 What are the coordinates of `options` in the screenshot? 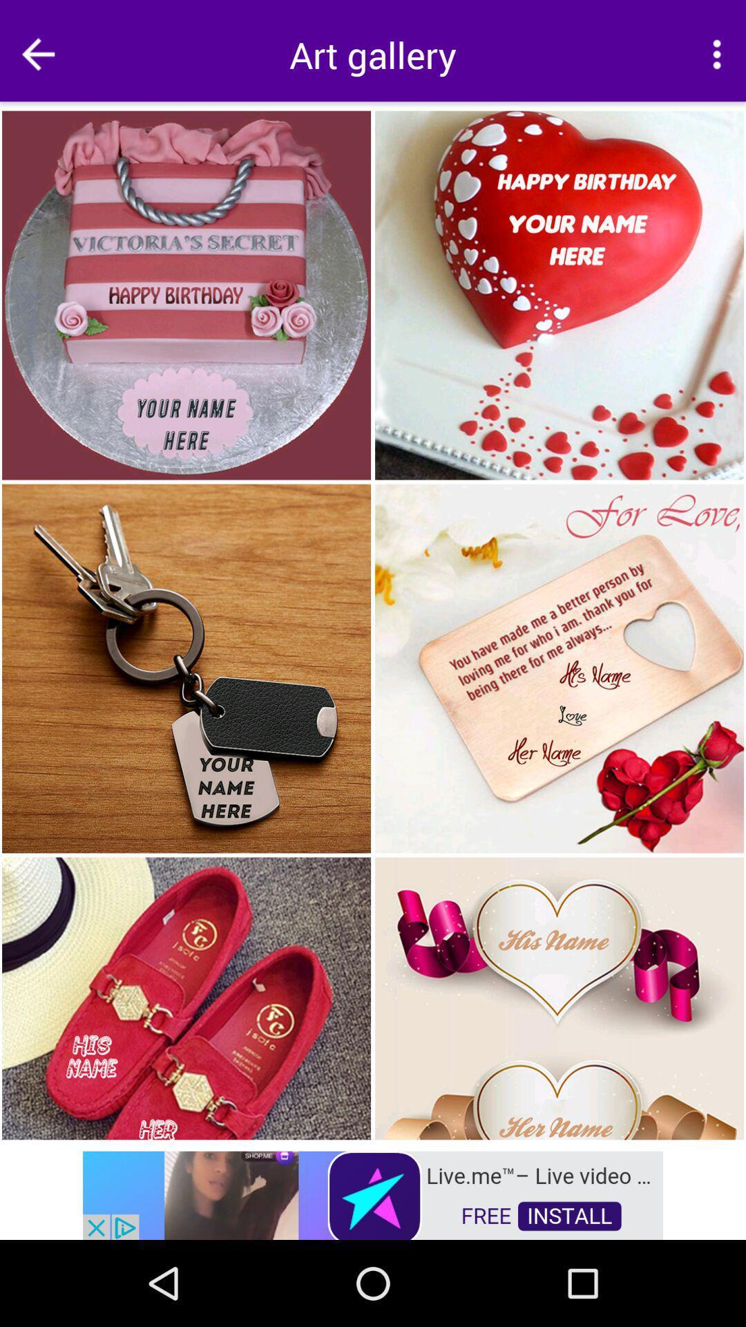 It's located at (716, 54).